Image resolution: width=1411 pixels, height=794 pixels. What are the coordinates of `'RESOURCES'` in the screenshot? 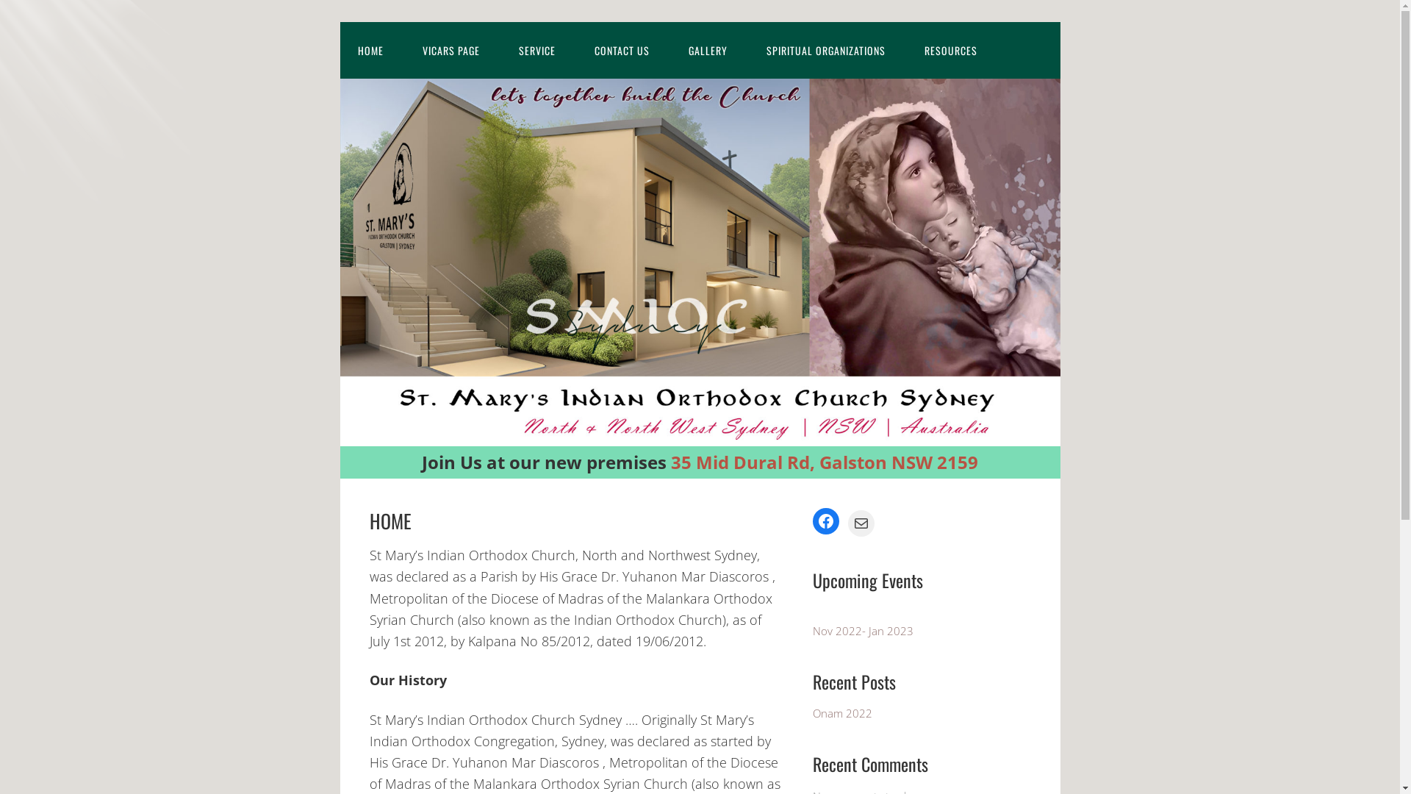 It's located at (951, 49).